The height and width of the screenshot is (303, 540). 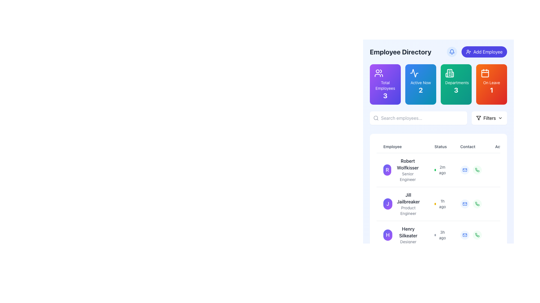 What do you see at coordinates (502, 169) in the screenshot?
I see `the Interactive ellipsis button located in the 'Ac' column of the row for 'Robert Wolfkisser'` at bounding box center [502, 169].